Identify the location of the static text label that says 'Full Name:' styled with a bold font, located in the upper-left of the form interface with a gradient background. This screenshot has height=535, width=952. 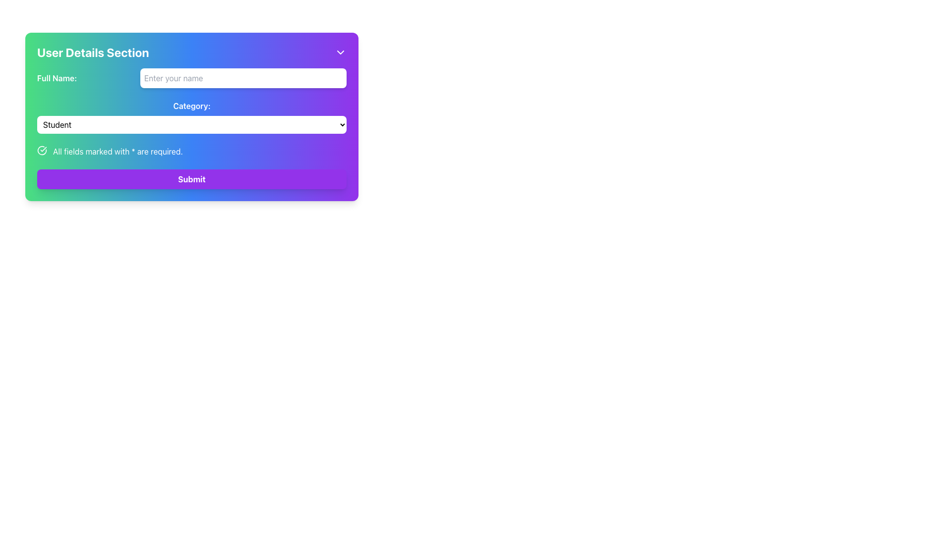
(57, 78).